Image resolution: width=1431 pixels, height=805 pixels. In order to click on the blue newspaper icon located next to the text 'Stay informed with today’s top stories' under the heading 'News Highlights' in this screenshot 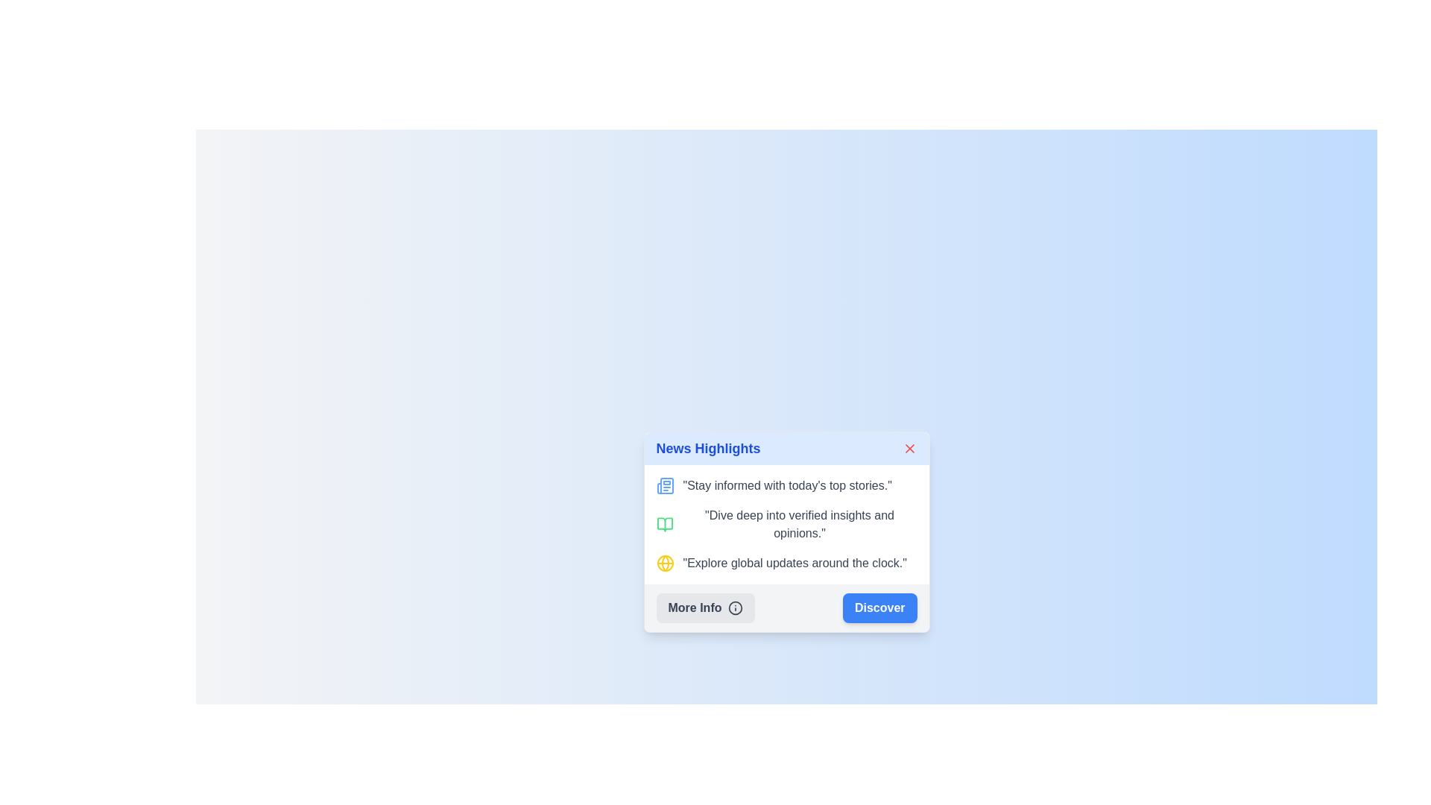, I will do `click(664, 485)`.